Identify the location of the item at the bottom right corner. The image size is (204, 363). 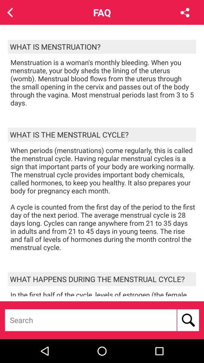
(187, 320).